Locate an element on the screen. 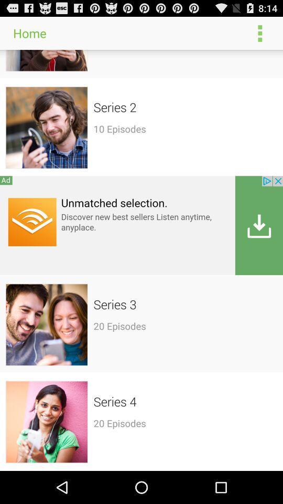 Image resolution: width=283 pixels, height=504 pixels. find out more is located at coordinates (141, 225).